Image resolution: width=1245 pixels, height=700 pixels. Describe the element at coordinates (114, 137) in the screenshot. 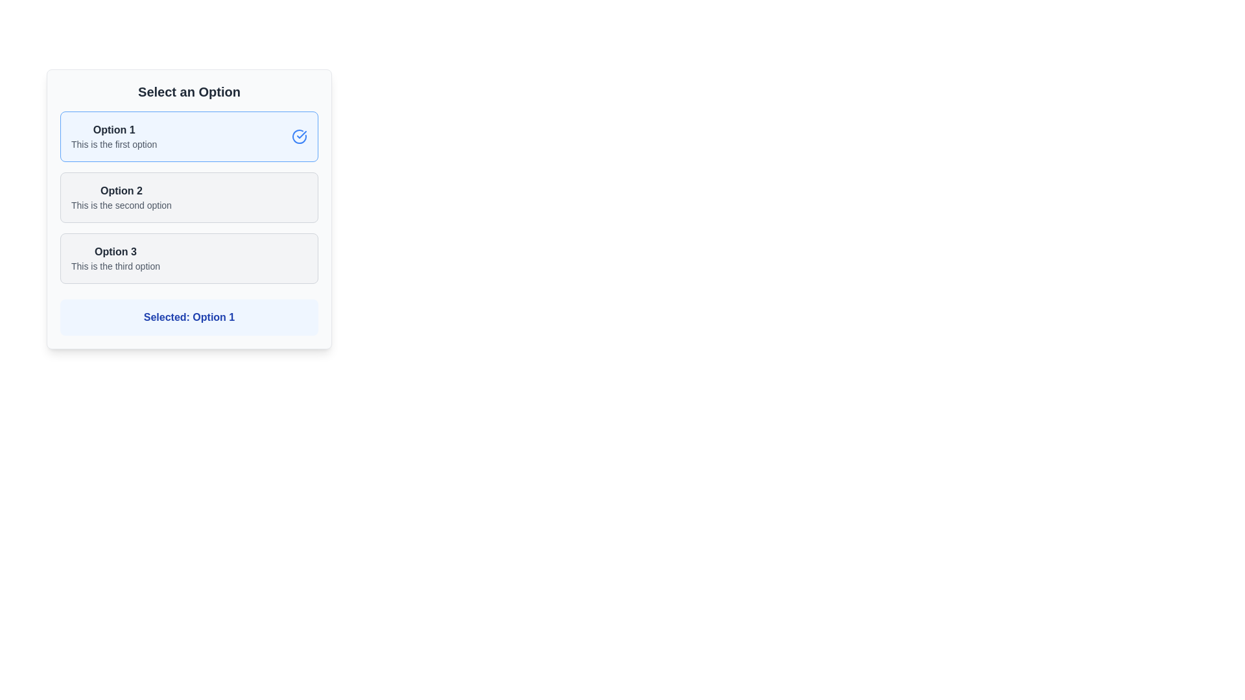

I see `the 'Option 1' selectable option card which is styled in bold font and is the first card under the heading 'Select an Option'` at that location.